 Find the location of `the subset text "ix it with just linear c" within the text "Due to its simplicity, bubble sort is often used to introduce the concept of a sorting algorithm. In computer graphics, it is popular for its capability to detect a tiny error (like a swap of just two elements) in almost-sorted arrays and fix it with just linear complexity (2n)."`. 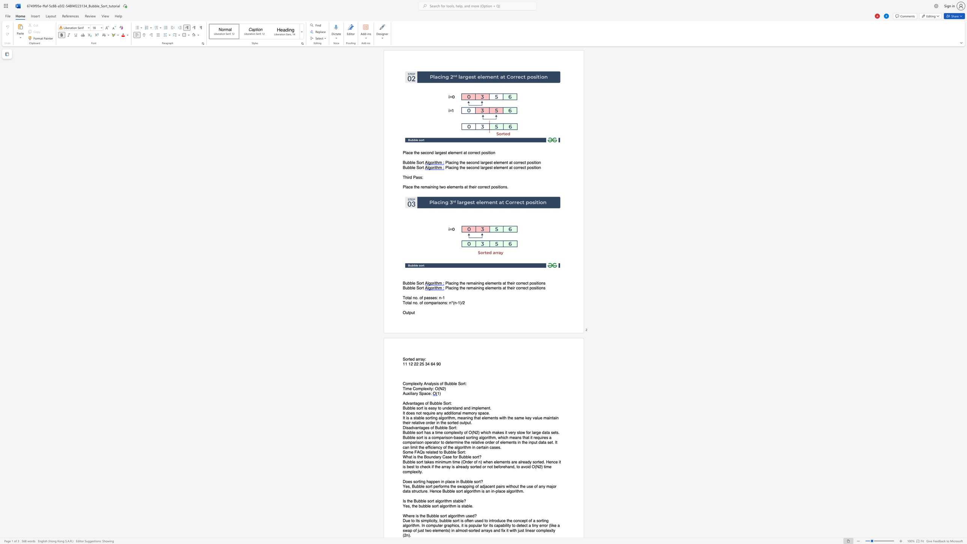

the subset text "ix it with just linear c" within the text "Due to its simplicity, bubble sort is often used to introduce the concept of a sorting algorithm. In computer graphics, it is popular for its capability to detect a tiny error (like a swap of just two elements) in almost-sorted arrays and fix it with just linear complexity (2n)." is located at coordinates (502, 530).